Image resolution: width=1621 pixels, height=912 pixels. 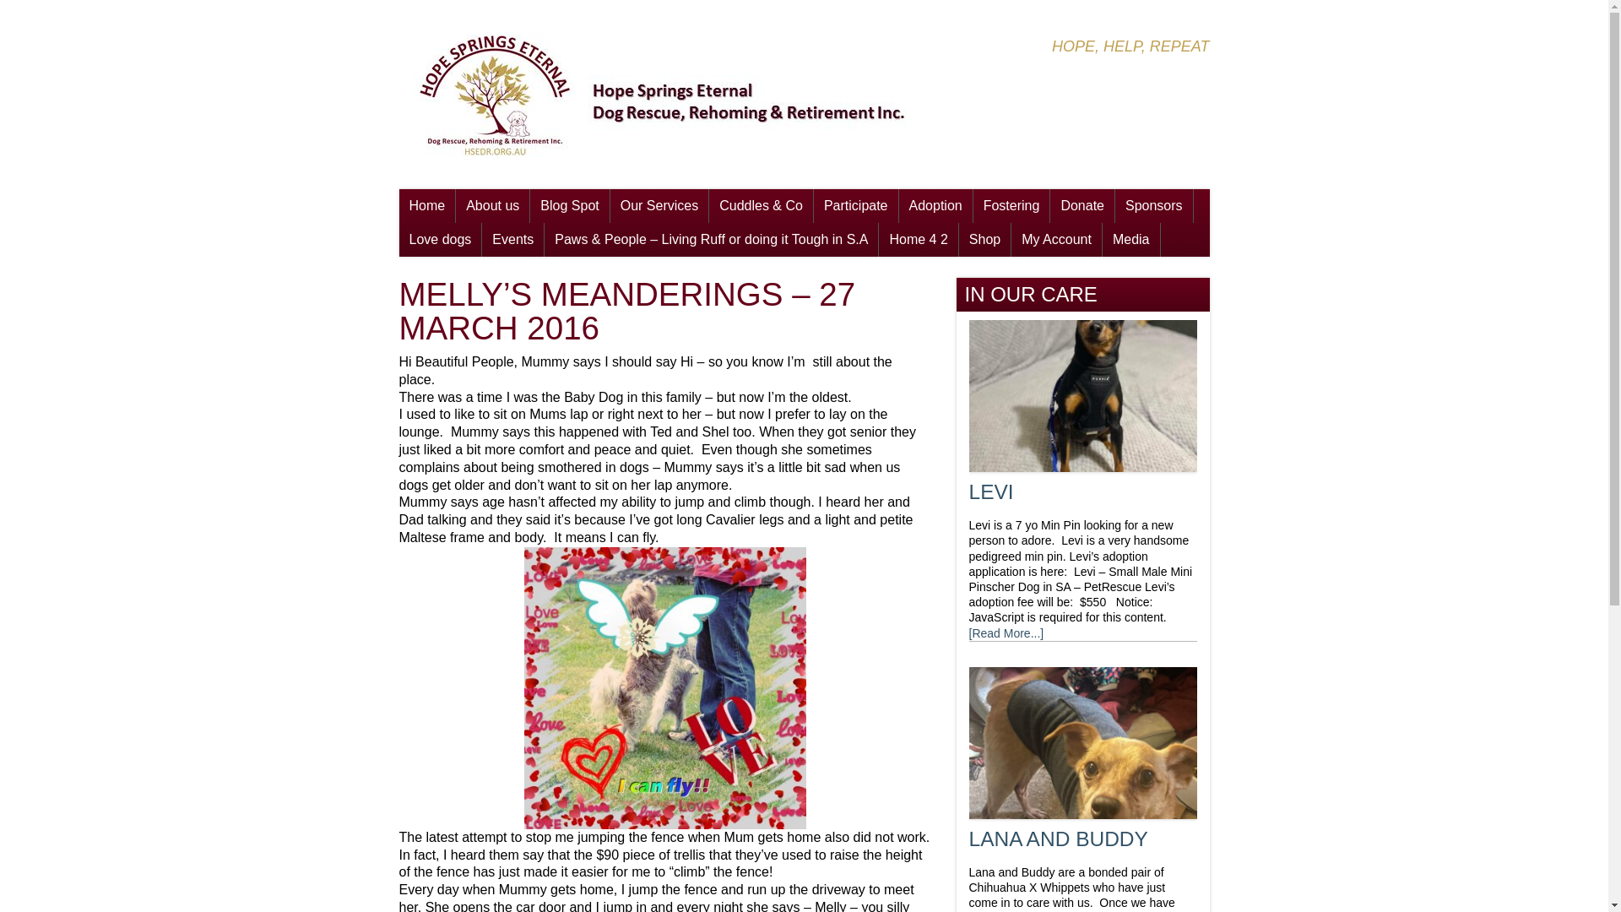 I want to click on 'Sponsors', so click(x=1153, y=204).